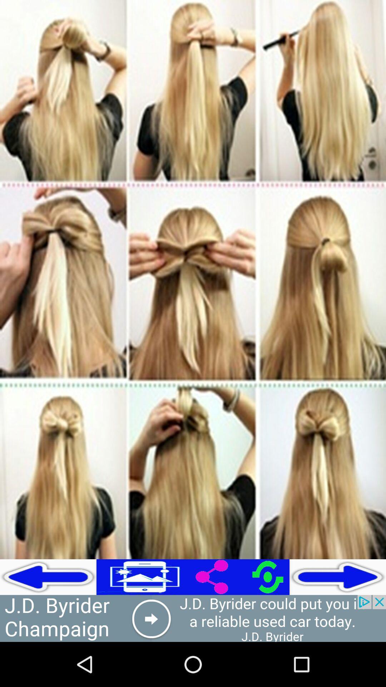  I want to click on back arrow, so click(48, 577).